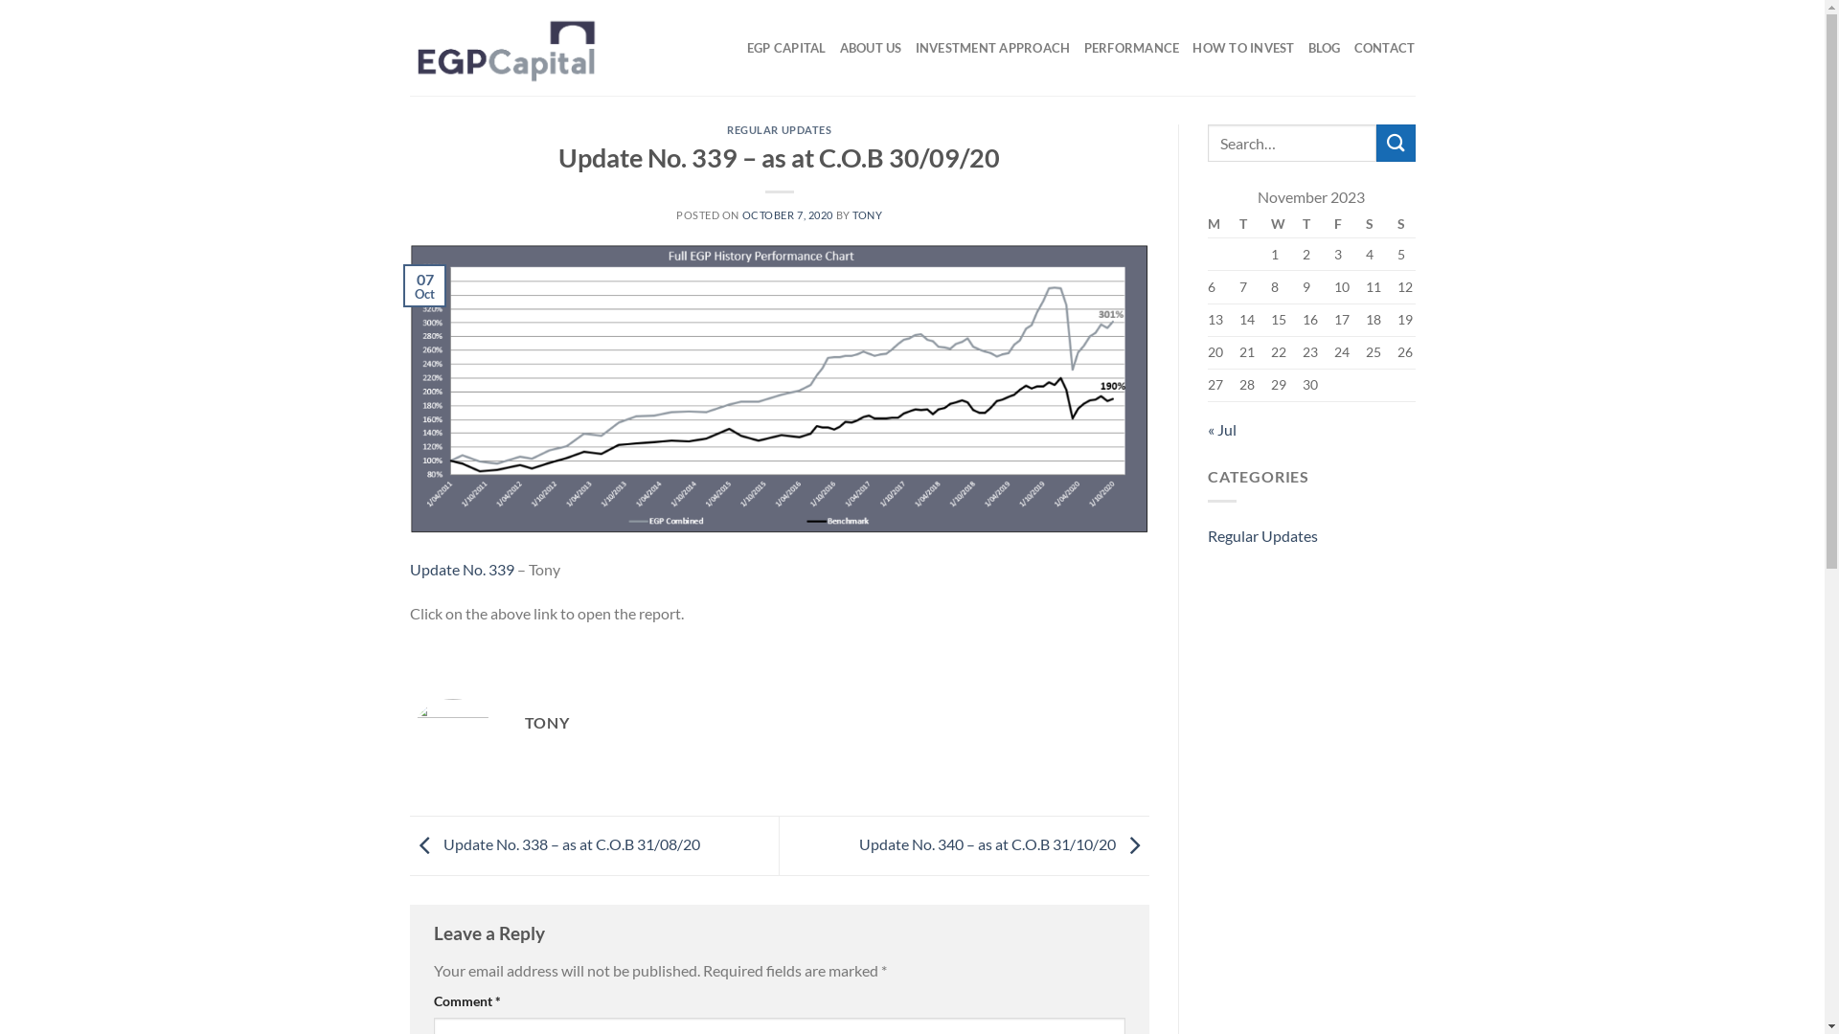 This screenshot has width=1839, height=1034. Describe the element at coordinates (779, 129) in the screenshot. I see `'REGULAR UPDATES'` at that location.